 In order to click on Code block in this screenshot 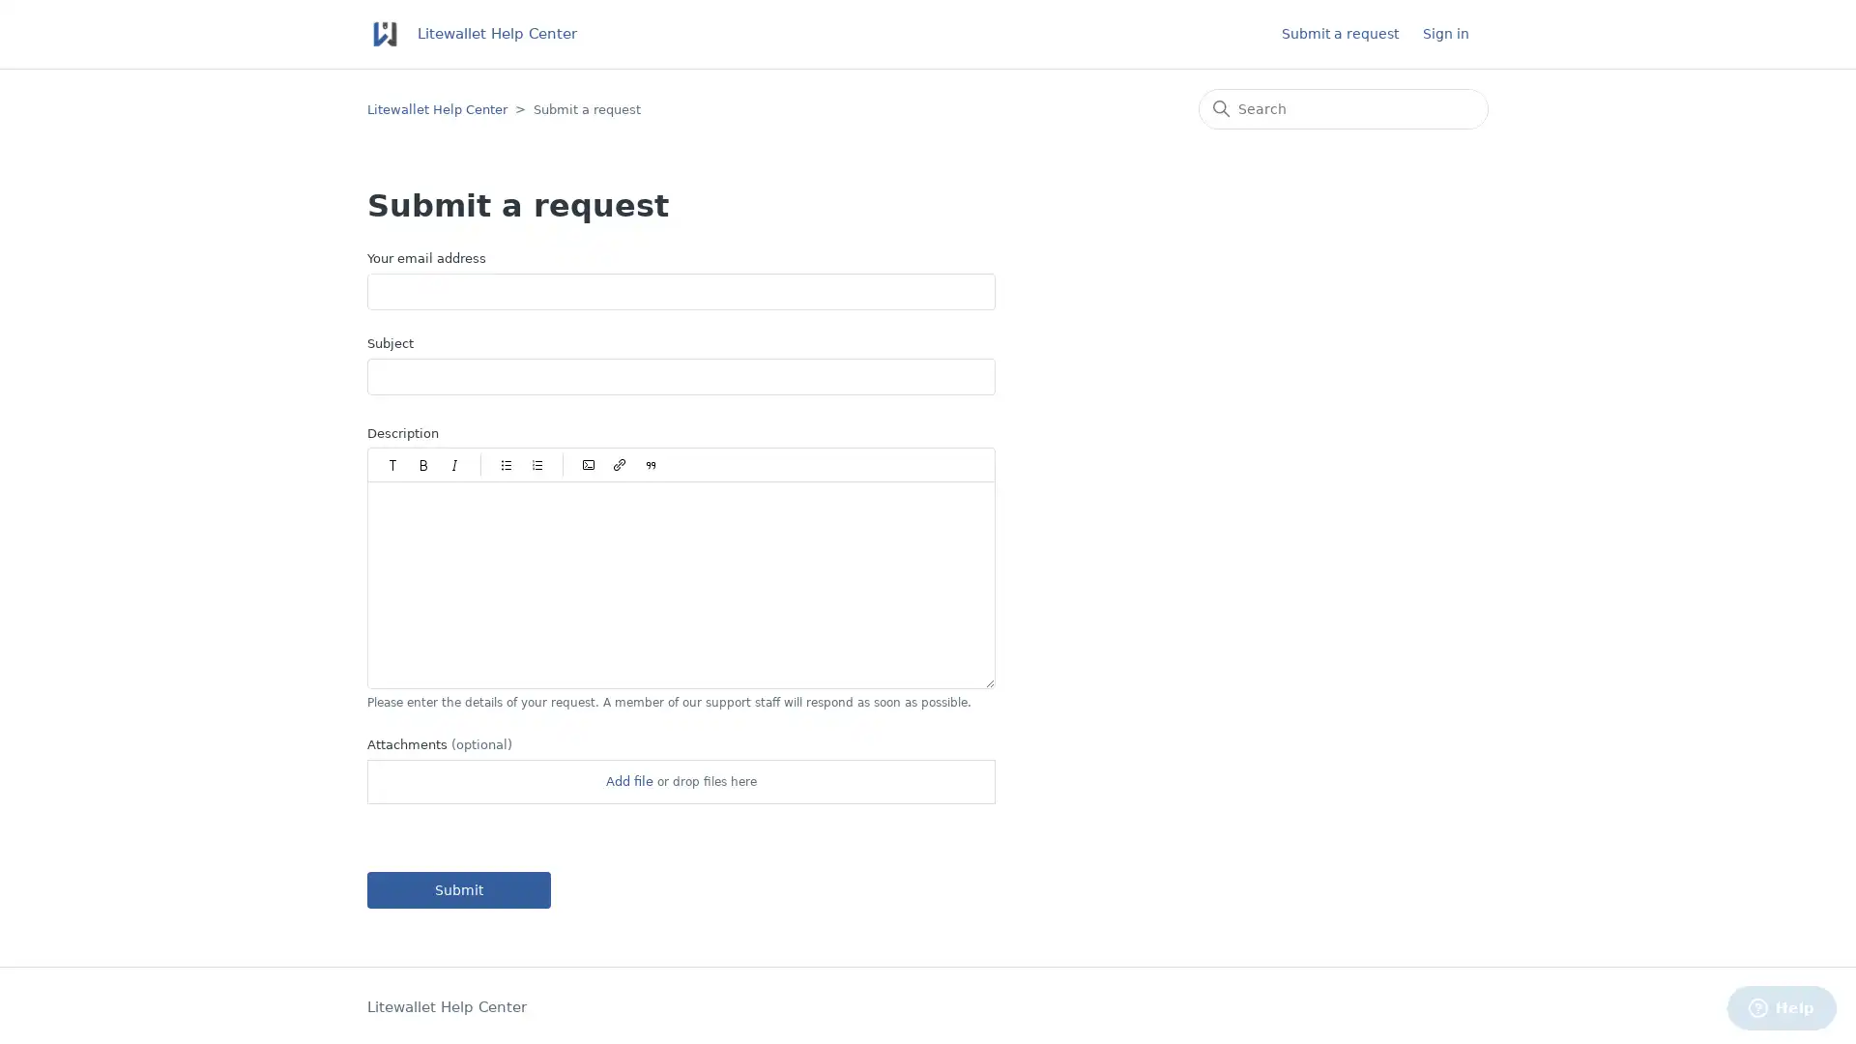, I will do `click(588, 465)`.